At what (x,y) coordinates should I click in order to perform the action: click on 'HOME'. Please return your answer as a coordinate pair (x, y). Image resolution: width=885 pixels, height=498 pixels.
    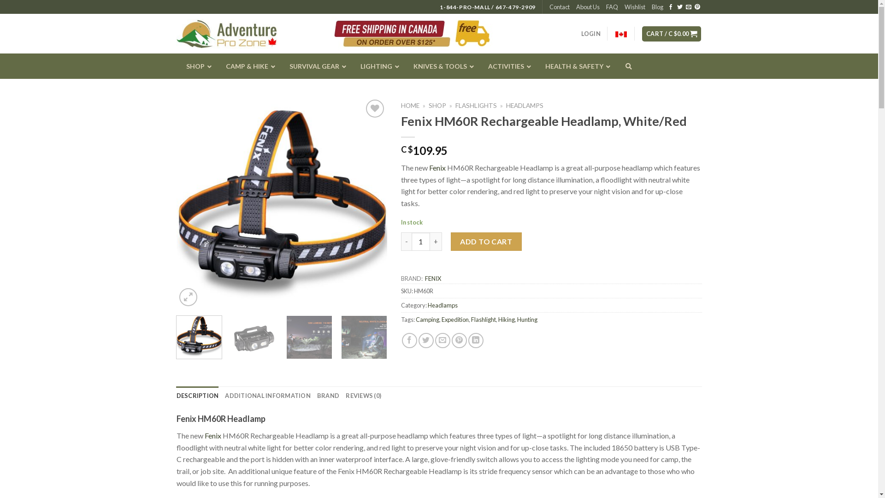
    Looking at the image, I should click on (409, 105).